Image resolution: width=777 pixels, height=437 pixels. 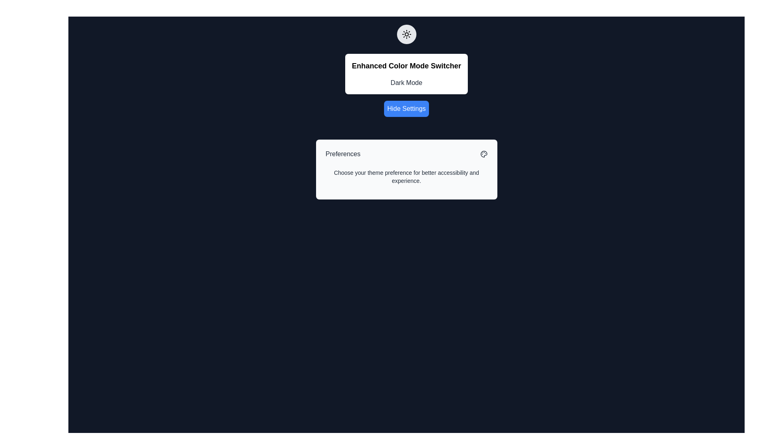 What do you see at coordinates (406, 169) in the screenshot?
I see `text on the Informational card component that describes theme preferences, which is centered within the card and provides information for better accessibility and experience` at bounding box center [406, 169].